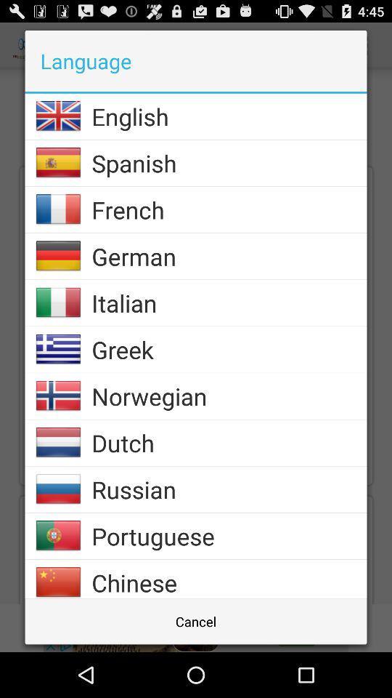  What do you see at coordinates (196, 620) in the screenshot?
I see `cancel button` at bounding box center [196, 620].